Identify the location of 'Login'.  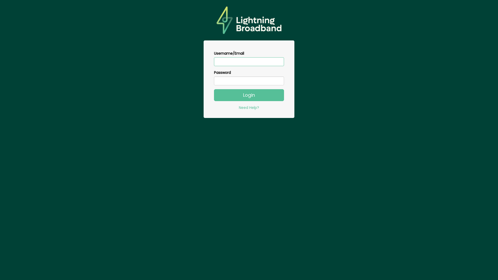
(249, 95).